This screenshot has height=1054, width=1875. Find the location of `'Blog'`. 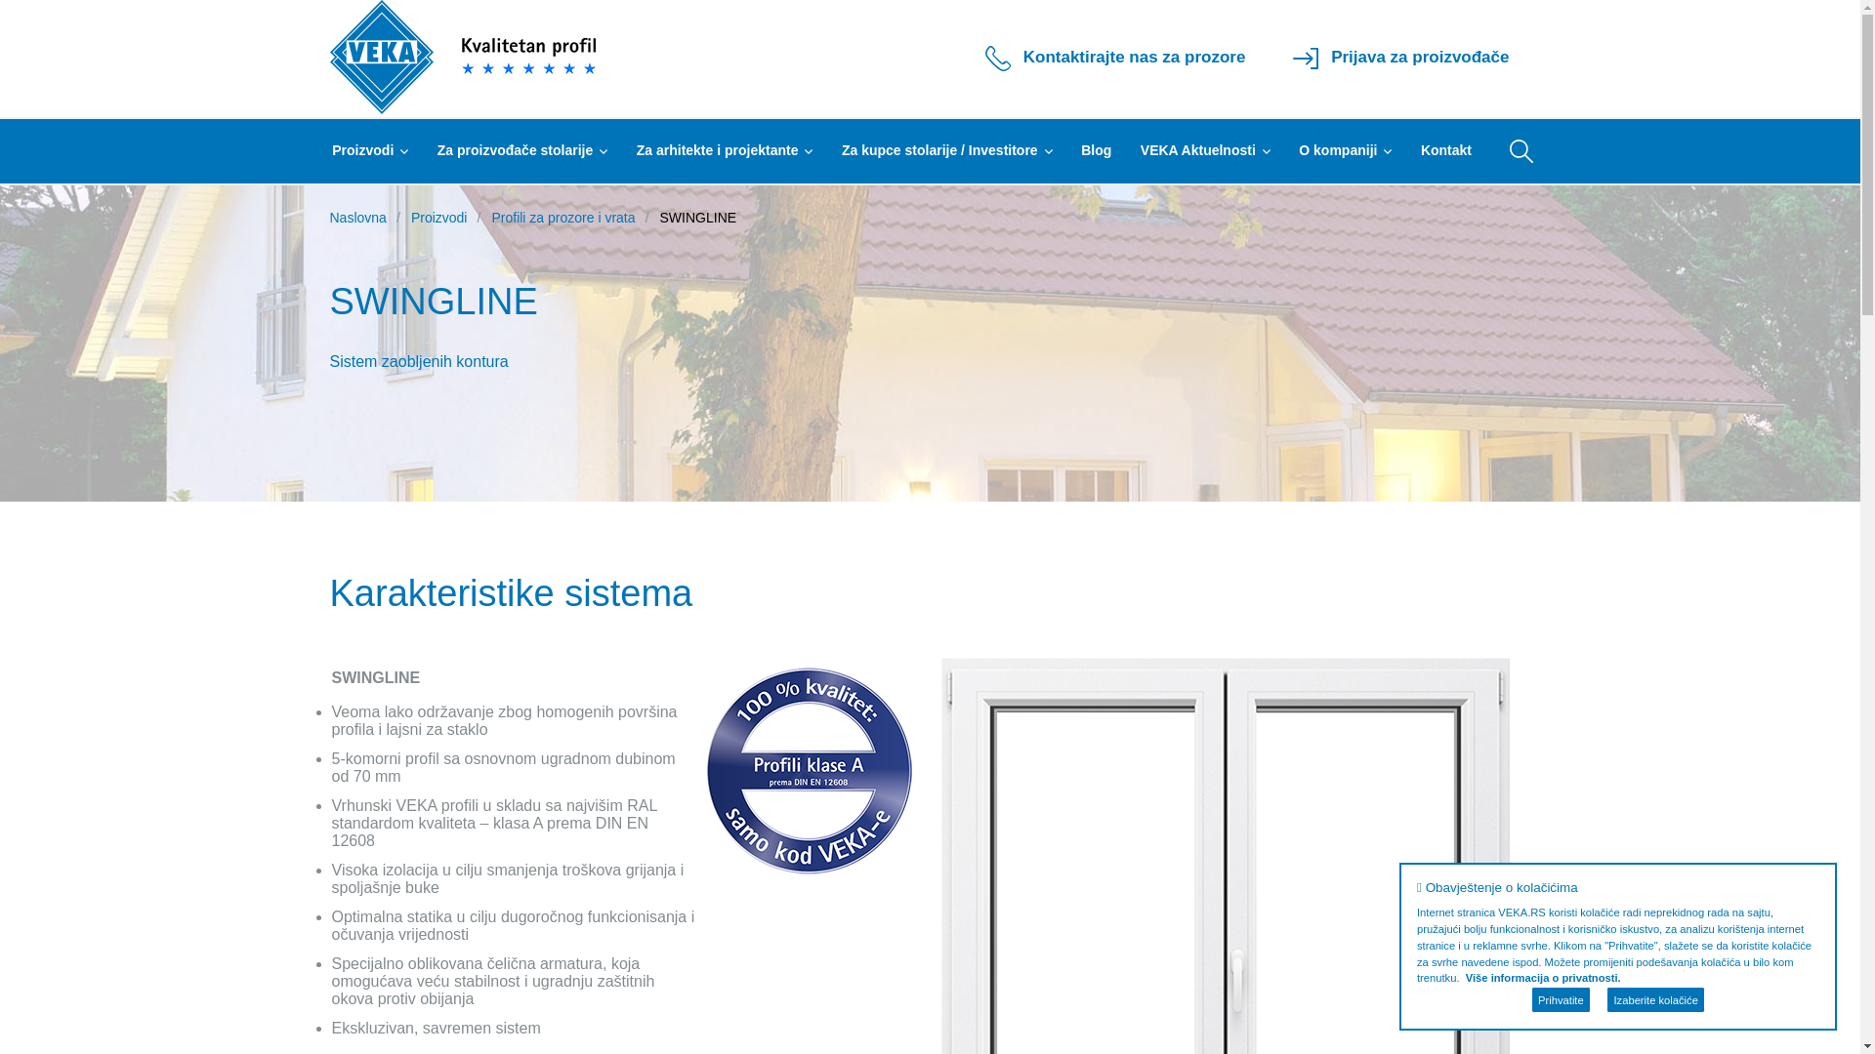

'Blog' is located at coordinates (1067, 150).